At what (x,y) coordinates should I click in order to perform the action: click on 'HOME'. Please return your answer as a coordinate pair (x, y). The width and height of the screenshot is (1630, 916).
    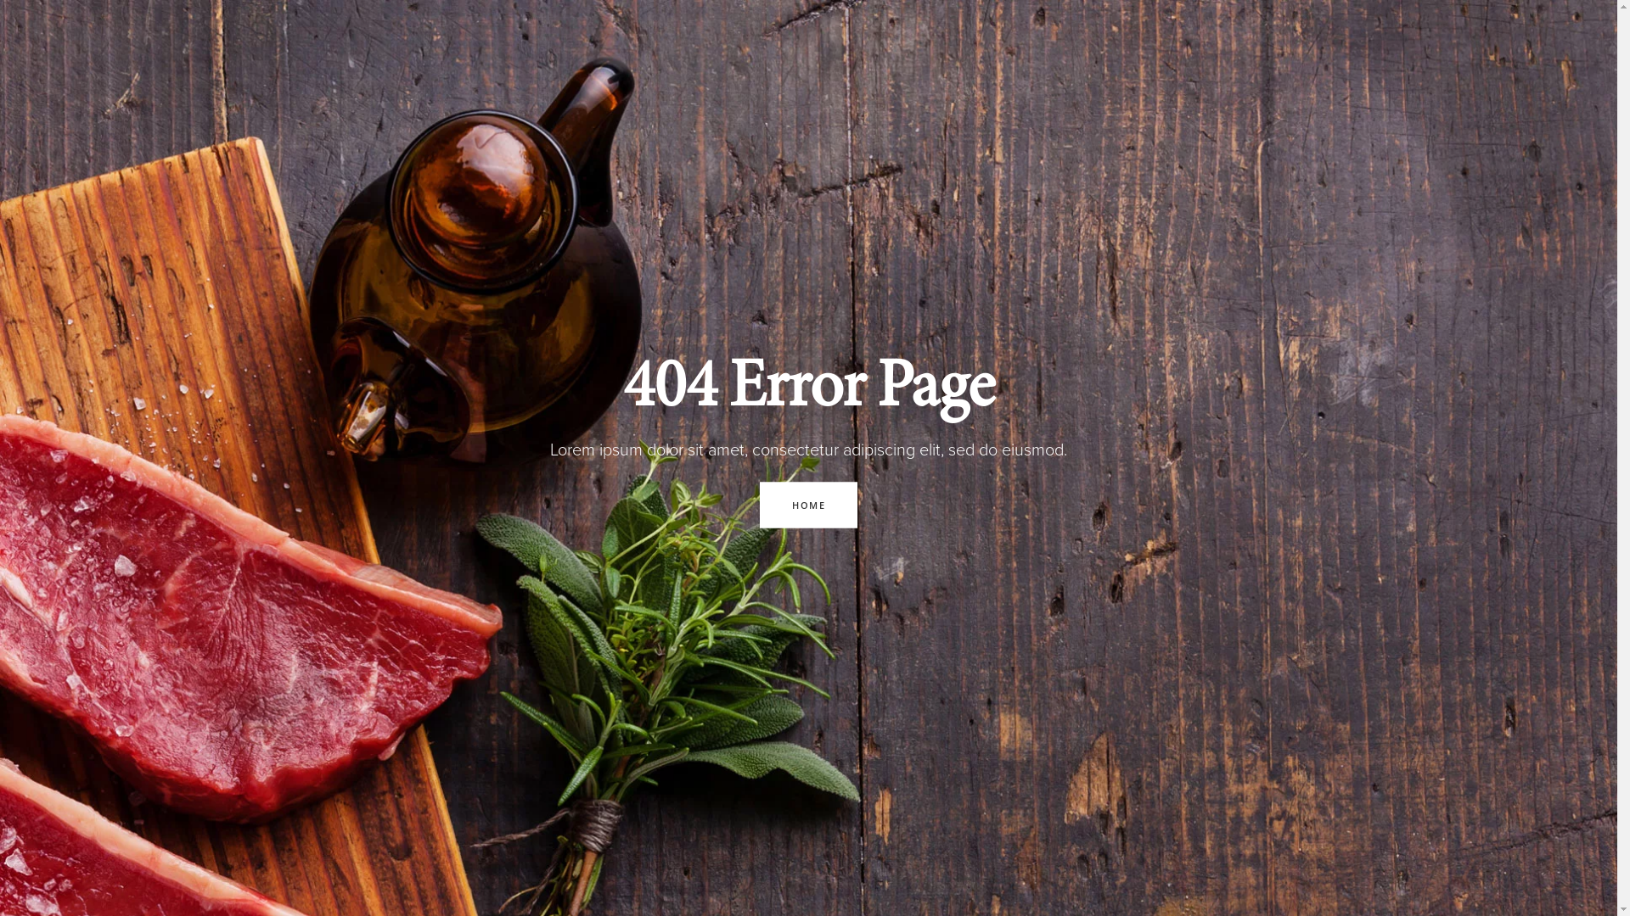
    Looking at the image, I should click on (807, 503).